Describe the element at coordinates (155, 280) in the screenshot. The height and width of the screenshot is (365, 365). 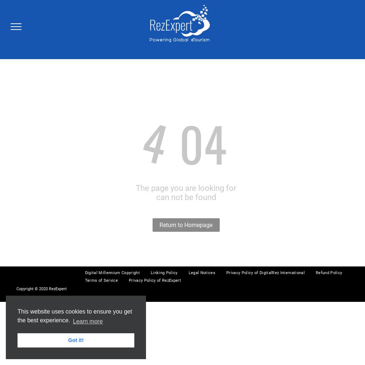
I see `'Privacy Policy of RezExpert'` at that location.